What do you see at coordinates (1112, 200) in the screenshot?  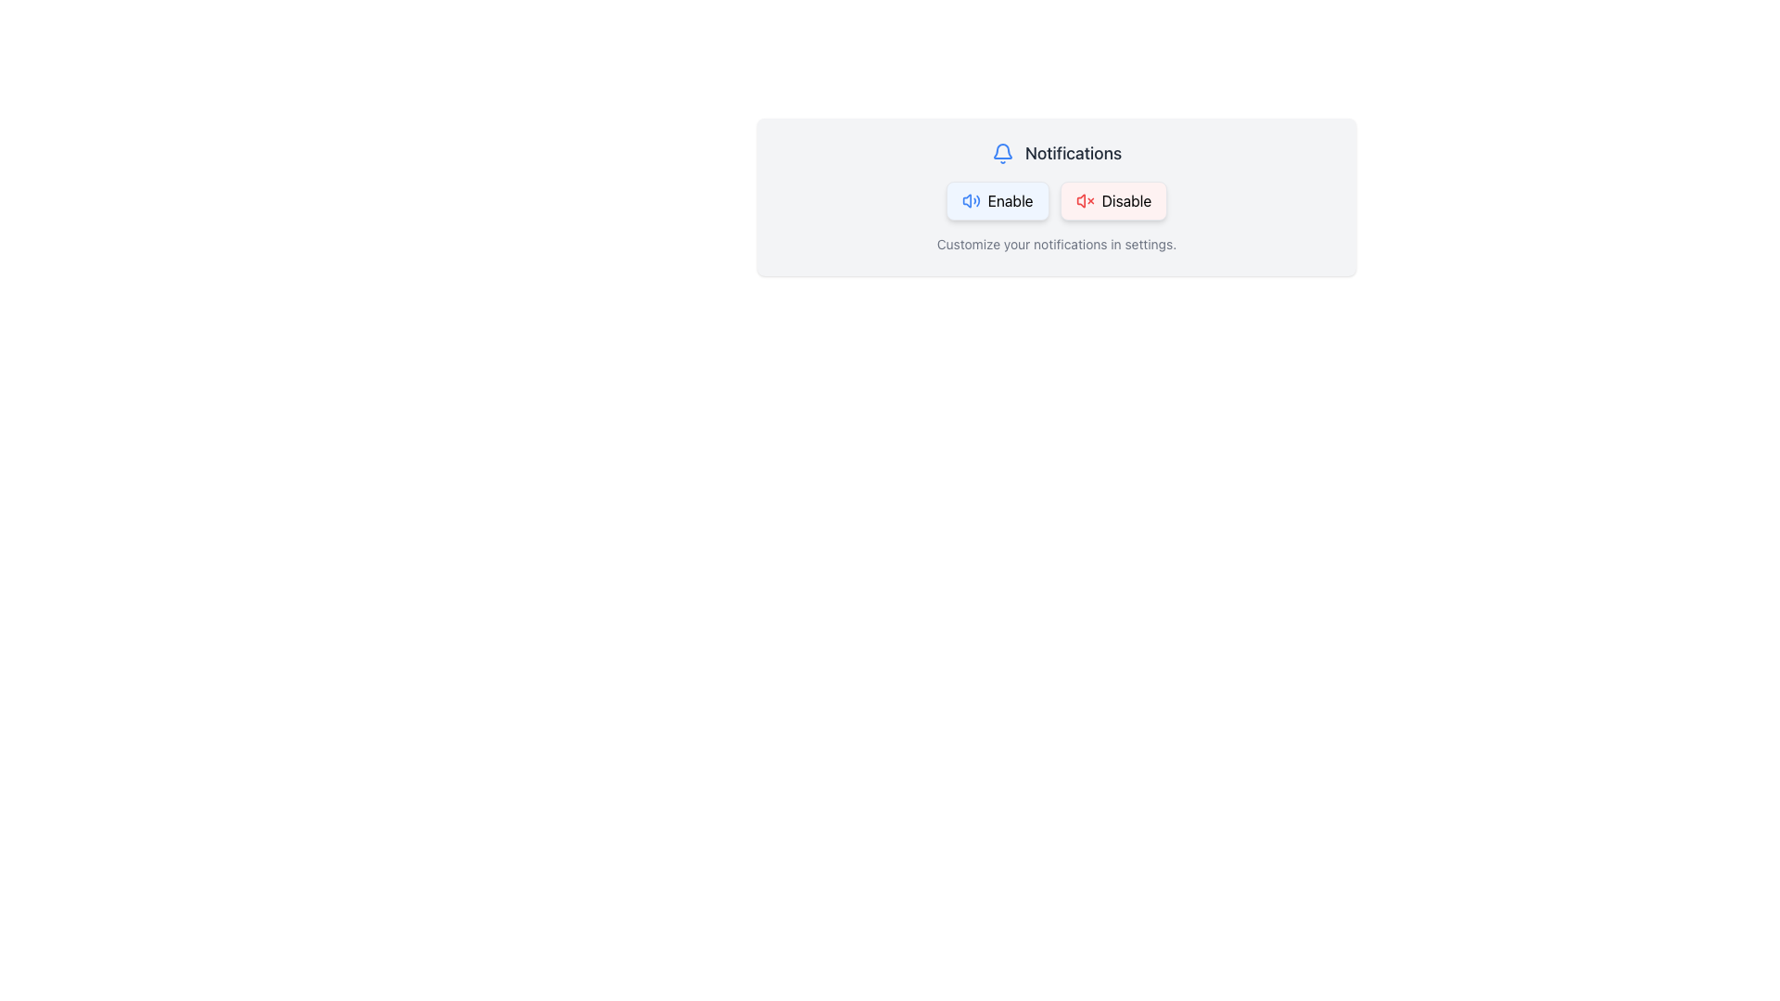 I see `the 'Disable' button` at bounding box center [1112, 200].